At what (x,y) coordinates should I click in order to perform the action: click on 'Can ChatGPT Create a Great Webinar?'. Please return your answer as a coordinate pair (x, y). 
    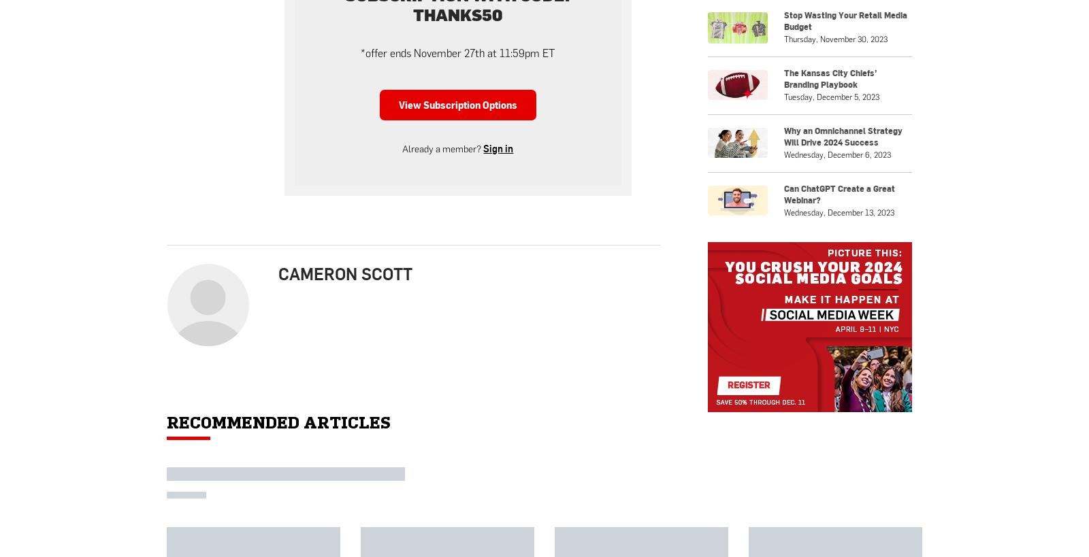
    Looking at the image, I should click on (838, 383).